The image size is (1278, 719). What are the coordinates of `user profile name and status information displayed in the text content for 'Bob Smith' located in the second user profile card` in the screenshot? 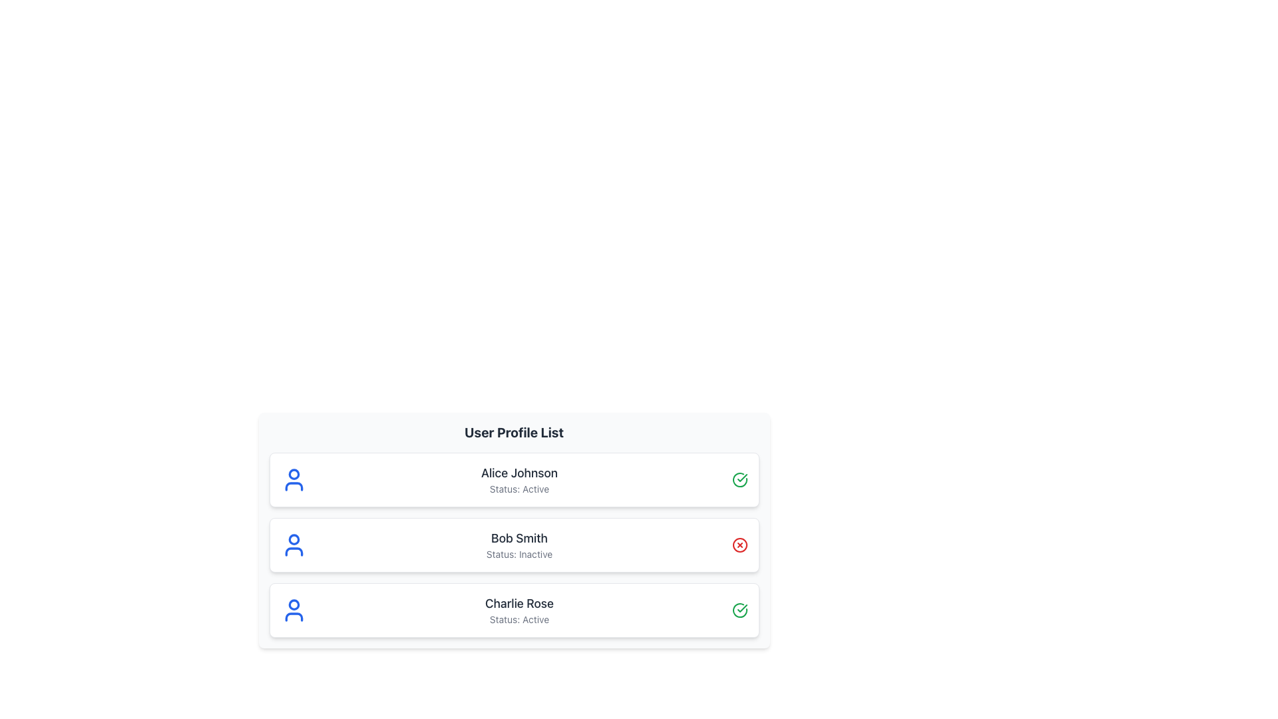 It's located at (519, 545).